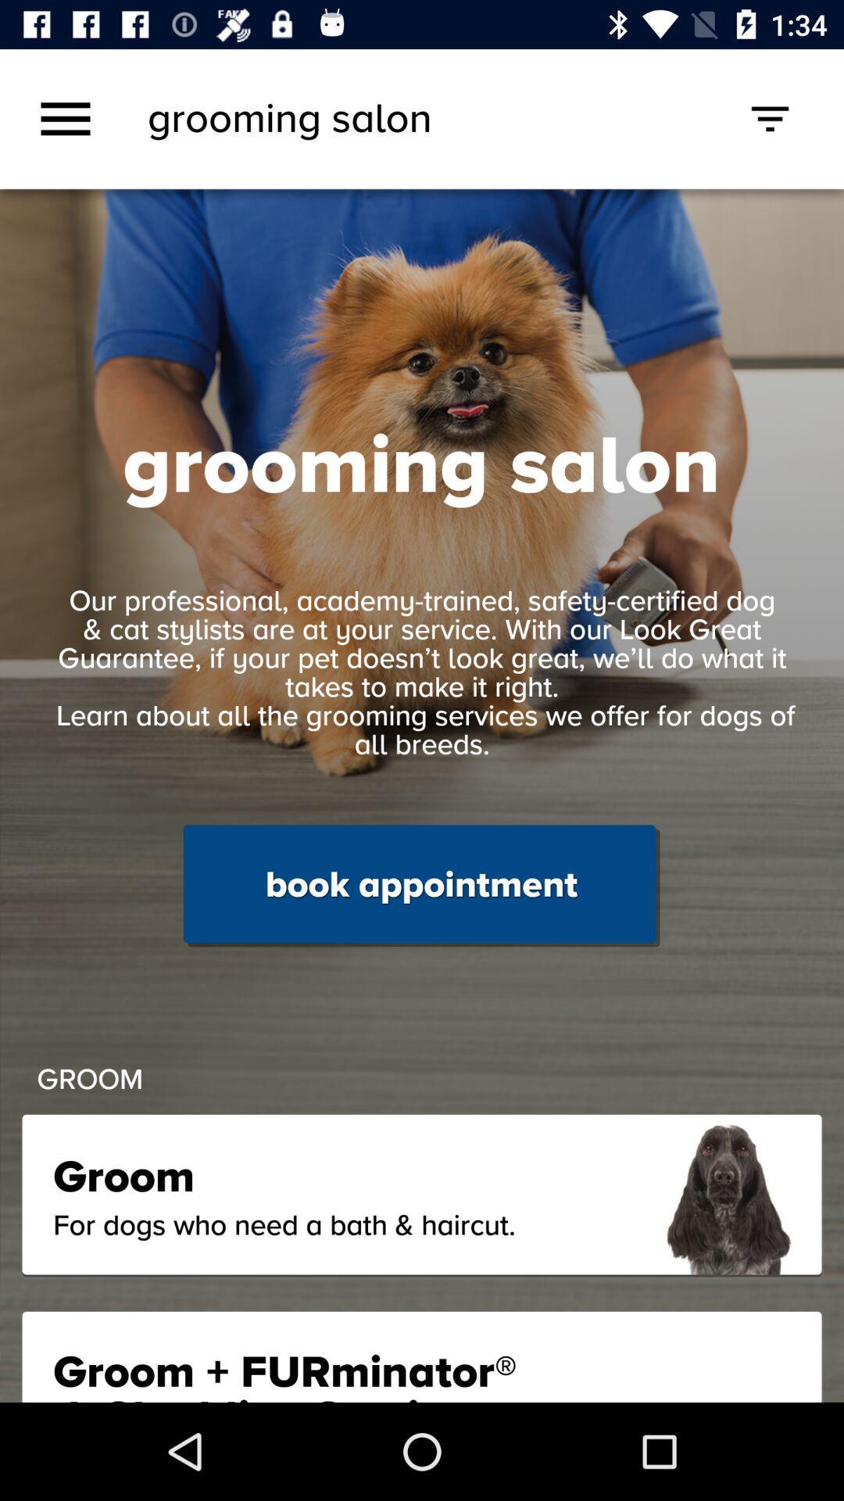 The width and height of the screenshot is (844, 1501). I want to click on the item below our professional academy item, so click(420, 886).